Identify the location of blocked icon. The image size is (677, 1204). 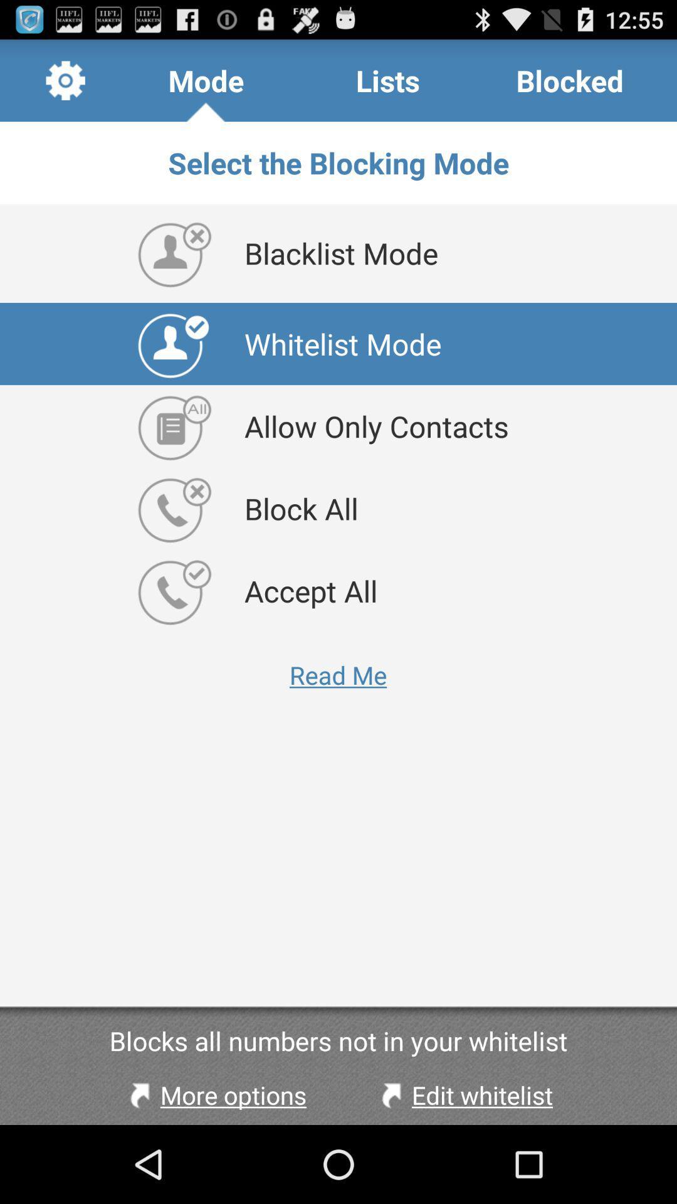
(570, 80).